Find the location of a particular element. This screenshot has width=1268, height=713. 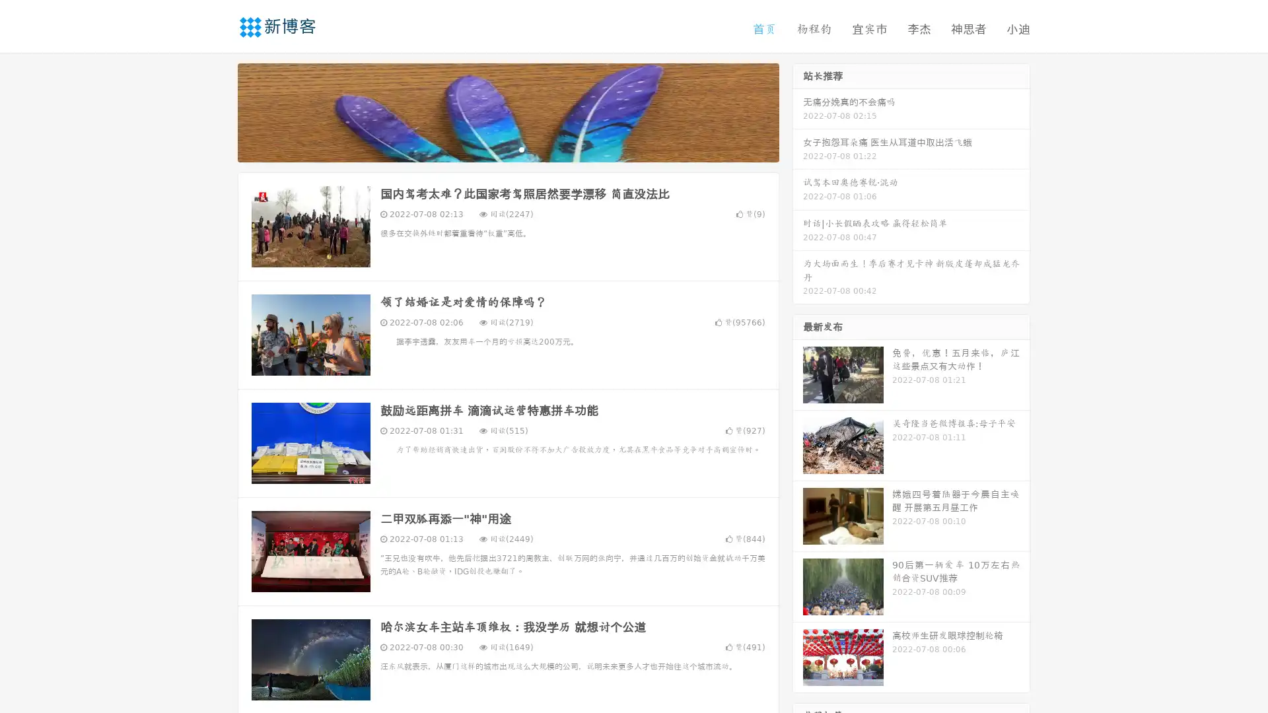

Go to slide 3 is located at coordinates (521, 149).